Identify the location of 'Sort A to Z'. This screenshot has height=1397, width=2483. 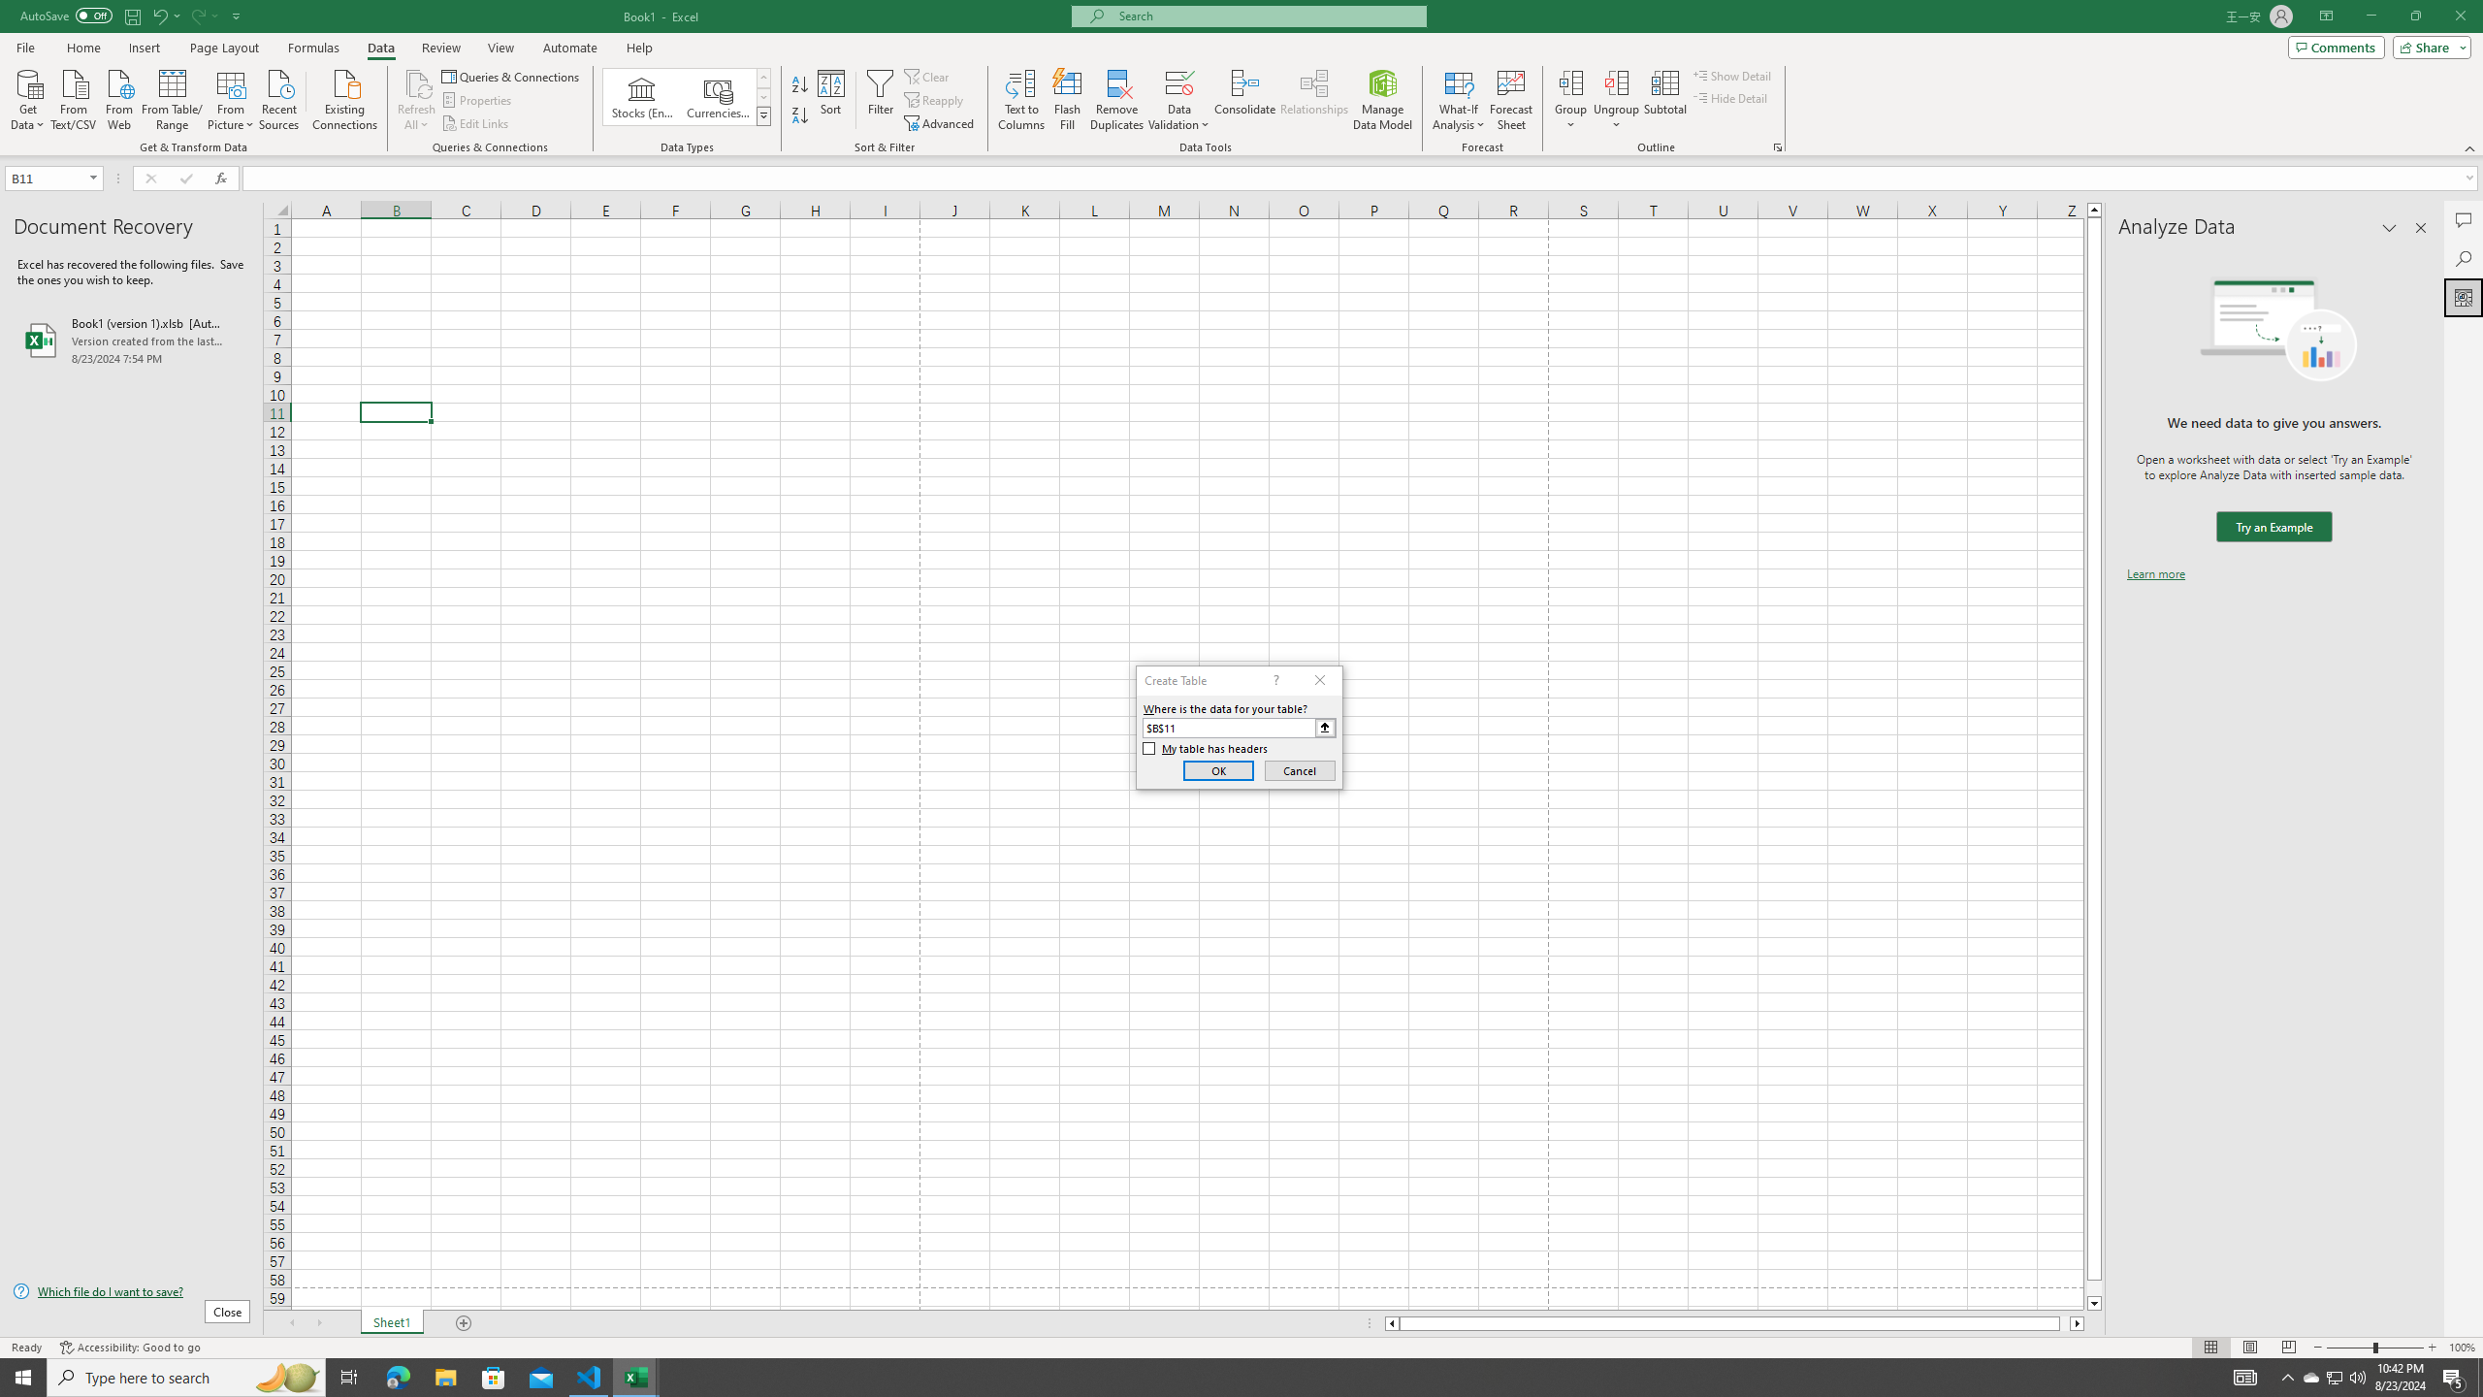
(799, 84).